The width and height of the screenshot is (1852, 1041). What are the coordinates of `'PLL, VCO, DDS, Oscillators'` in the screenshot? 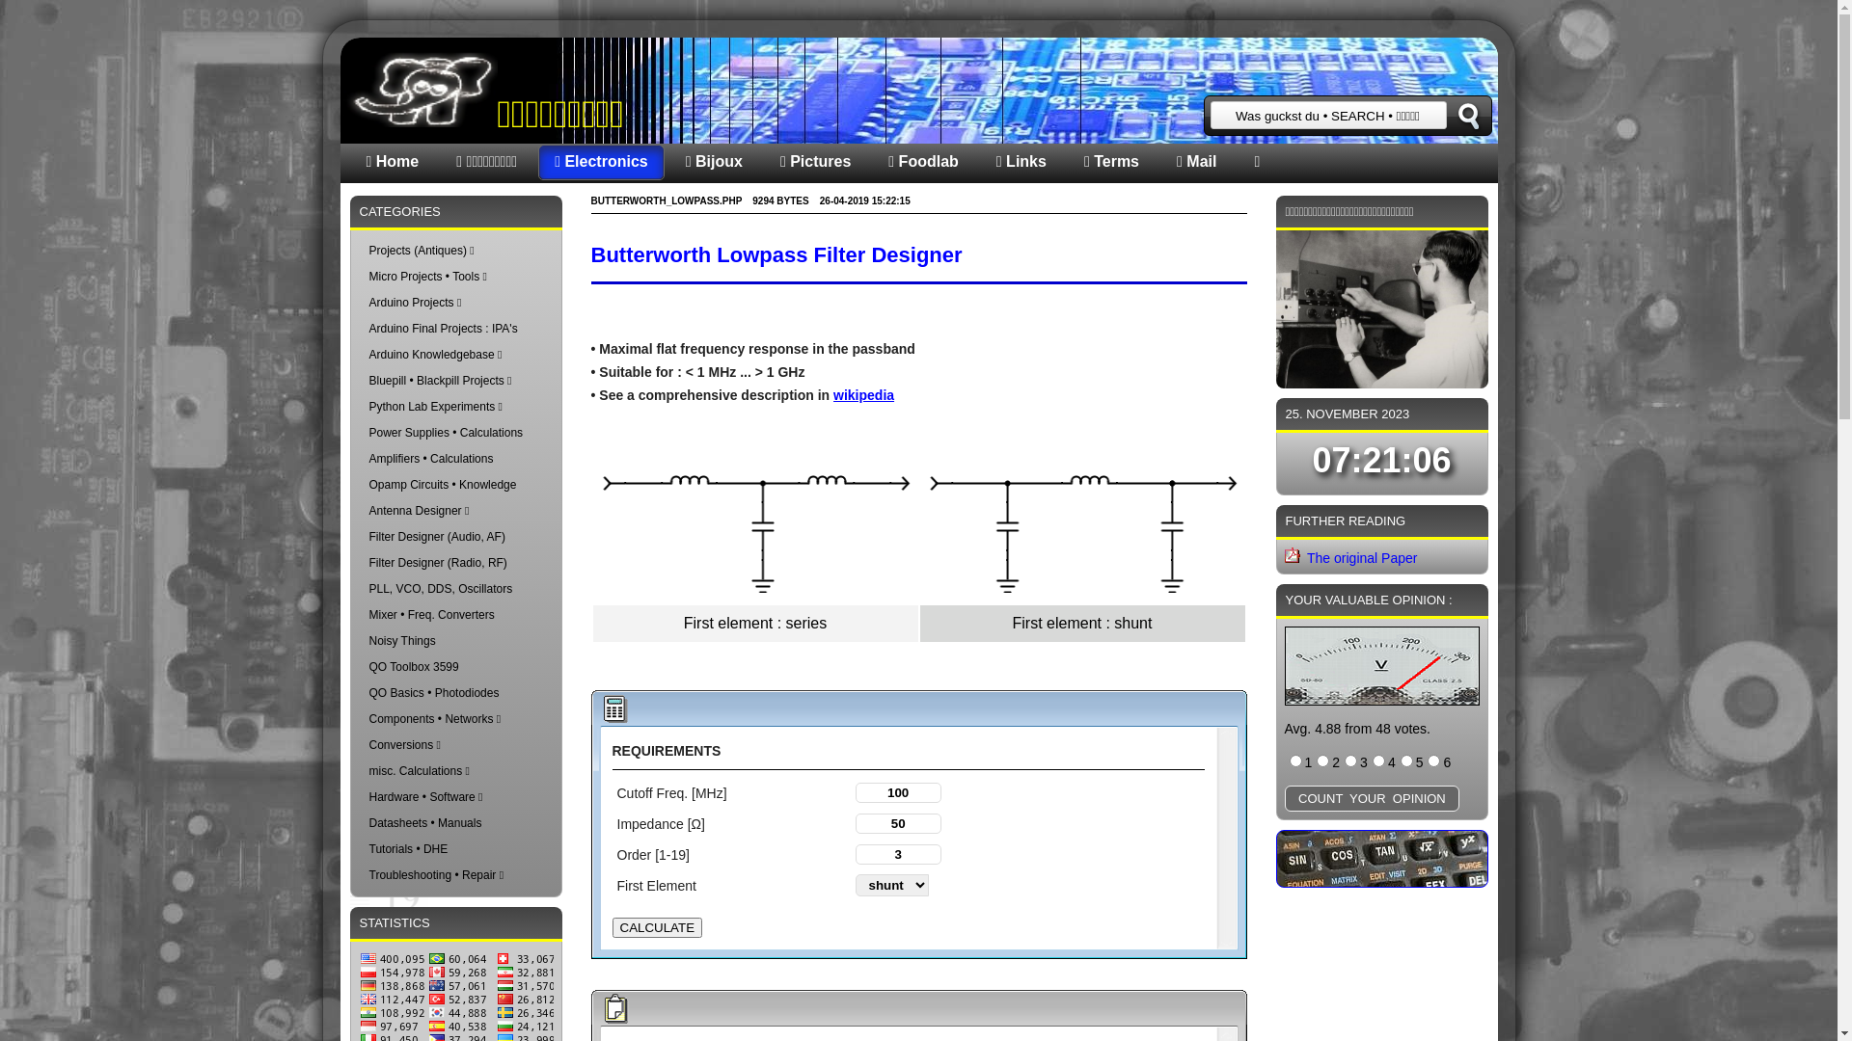 It's located at (439, 587).